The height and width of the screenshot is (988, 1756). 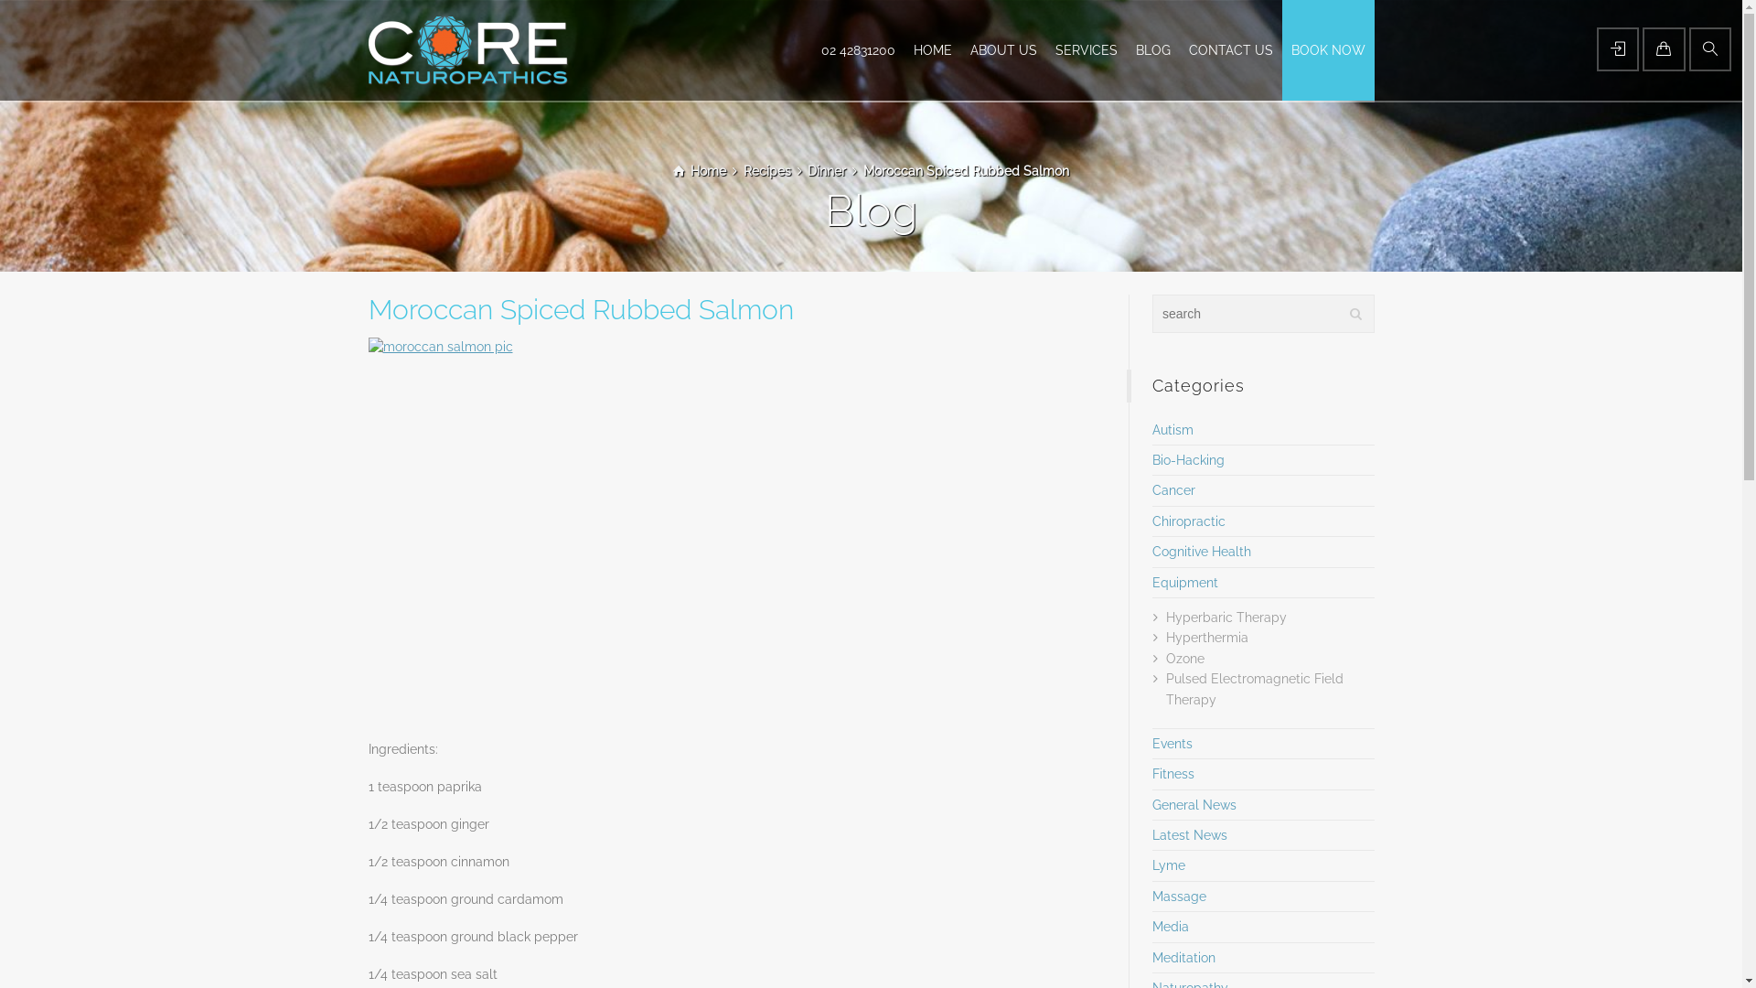 What do you see at coordinates (1172, 744) in the screenshot?
I see `'Events'` at bounding box center [1172, 744].